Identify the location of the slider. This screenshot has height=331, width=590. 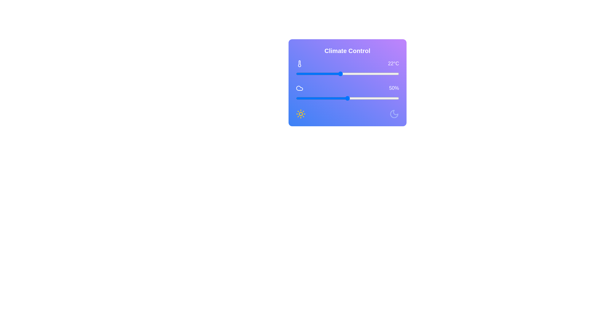
(355, 88).